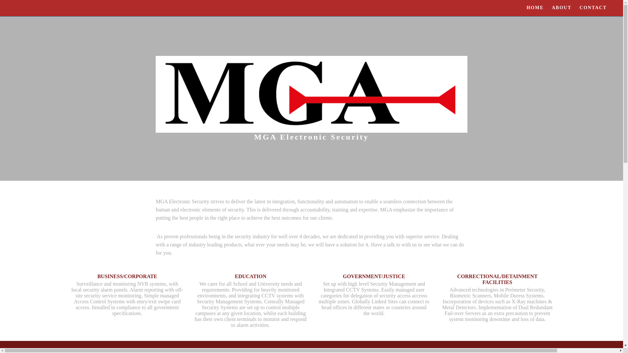 The width and height of the screenshot is (628, 353). What do you see at coordinates (535, 8) in the screenshot?
I see `'HOME'` at bounding box center [535, 8].